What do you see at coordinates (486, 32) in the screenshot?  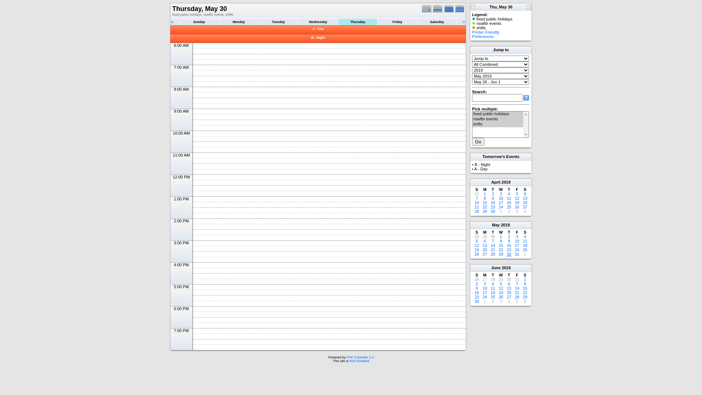 I see `'Printer Friendly'` at bounding box center [486, 32].